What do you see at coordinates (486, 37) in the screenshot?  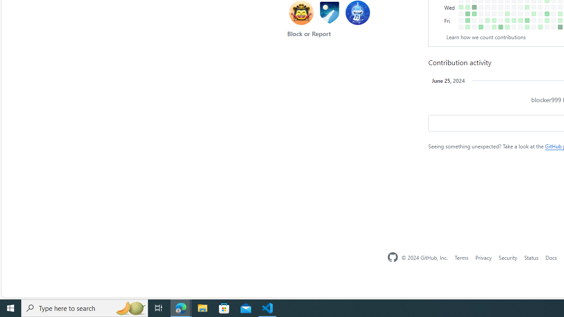 I see `'Learn how we count contributions'` at bounding box center [486, 37].